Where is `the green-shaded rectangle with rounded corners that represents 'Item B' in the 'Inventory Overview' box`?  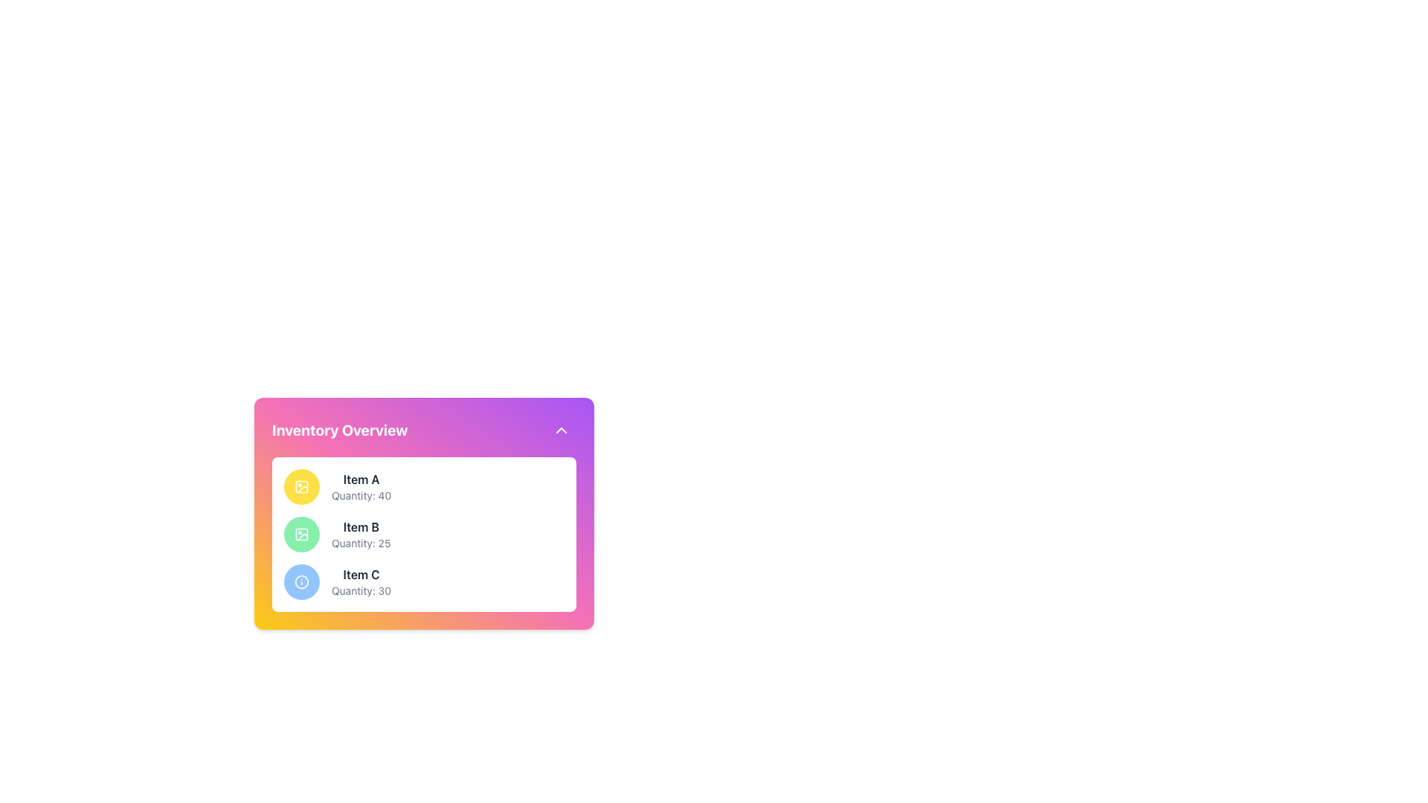
the green-shaded rectangle with rounded corners that represents 'Item B' in the 'Inventory Overview' box is located at coordinates (301, 533).